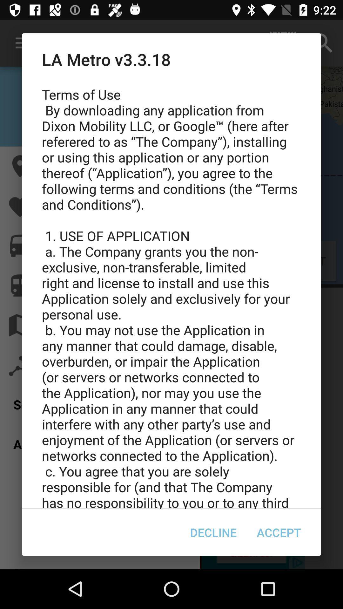 The width and height of the screenshot is (343, 609). Describe the element at coordinates (279, 532) in the screenshot. I see `accept icon` at that location.